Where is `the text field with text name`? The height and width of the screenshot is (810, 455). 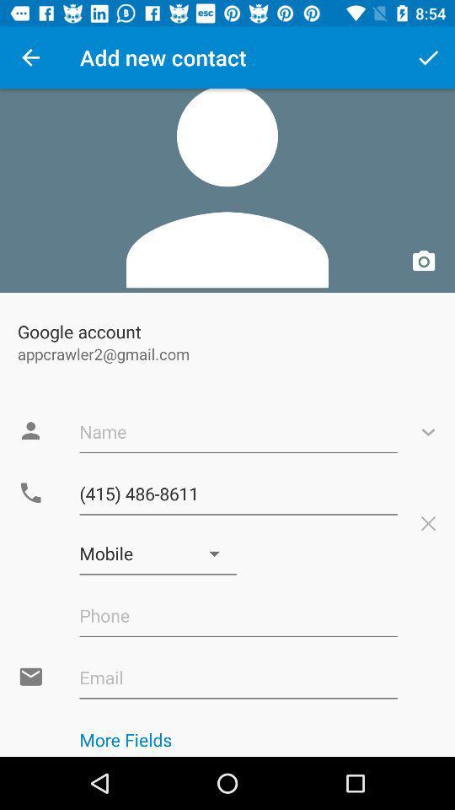
the text field with text name is located at coordinates (238, 431).